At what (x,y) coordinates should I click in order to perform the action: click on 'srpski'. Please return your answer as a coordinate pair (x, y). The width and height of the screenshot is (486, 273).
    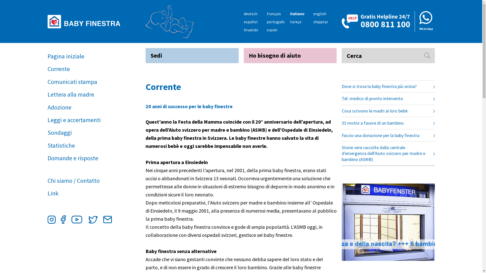
    Looking at the image, I should click on (272, 30).